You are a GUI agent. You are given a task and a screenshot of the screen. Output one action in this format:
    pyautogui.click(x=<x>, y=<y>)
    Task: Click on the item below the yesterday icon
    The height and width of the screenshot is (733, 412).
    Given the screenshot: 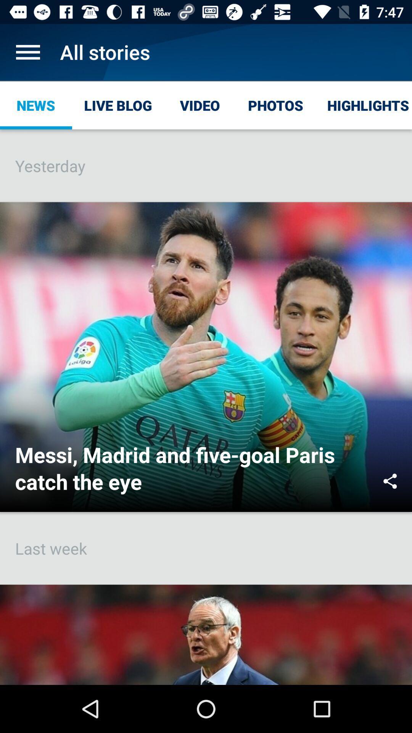 What is the action you would take?
    pyautogui.click(x=390, y=481)
    